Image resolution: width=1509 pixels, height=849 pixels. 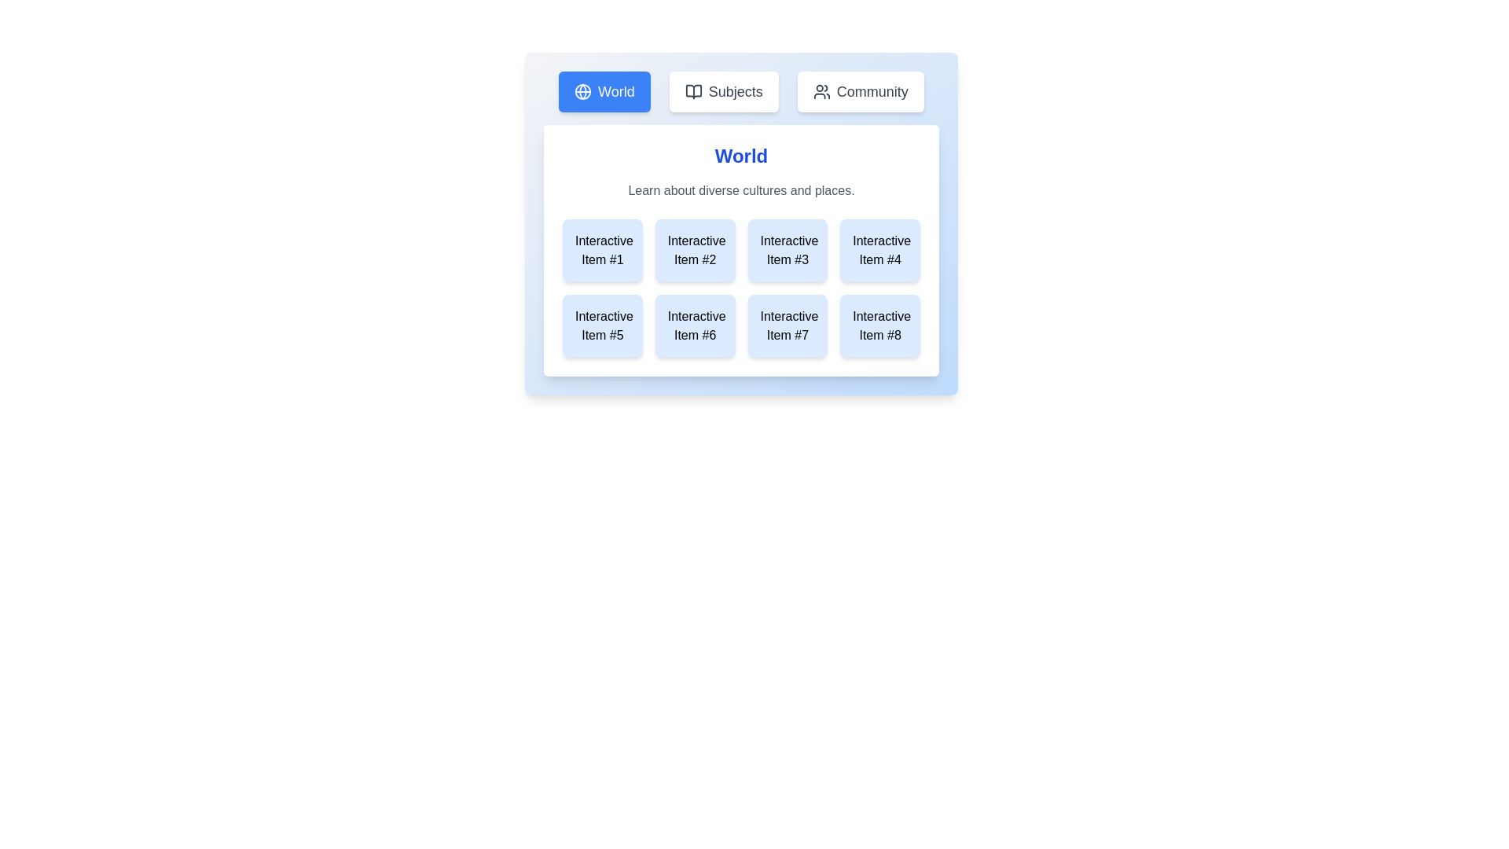 What do you see at coordinates (604, 91) in the screenshot?
I see `the World tab to switch views` at bounding box center [604, 91].